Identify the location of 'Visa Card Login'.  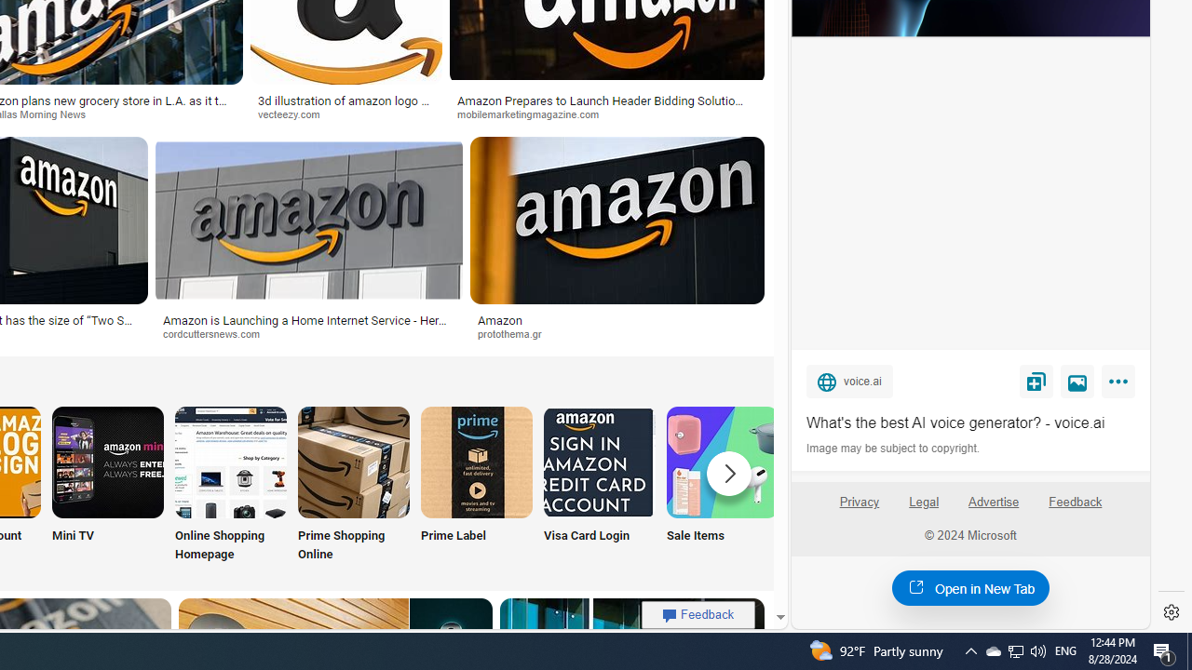
(599, 485).